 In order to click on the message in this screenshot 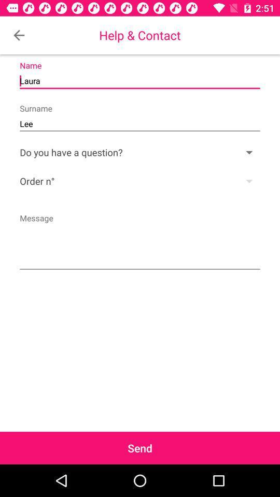, I will do `click(140, 241)`.